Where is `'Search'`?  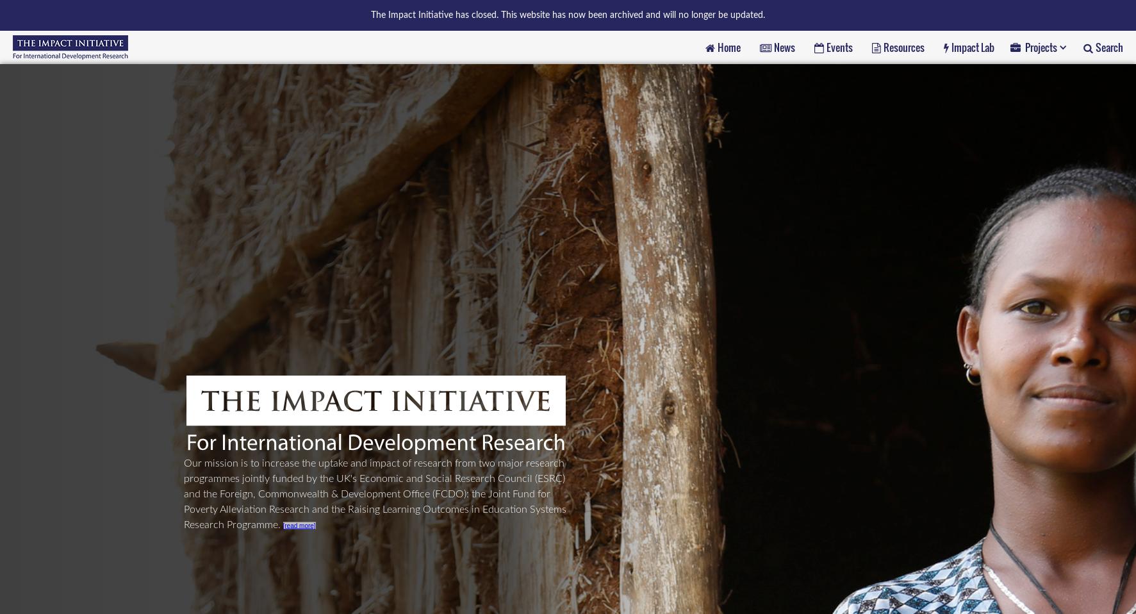
'Search' is located at coordinates (1109, 46).